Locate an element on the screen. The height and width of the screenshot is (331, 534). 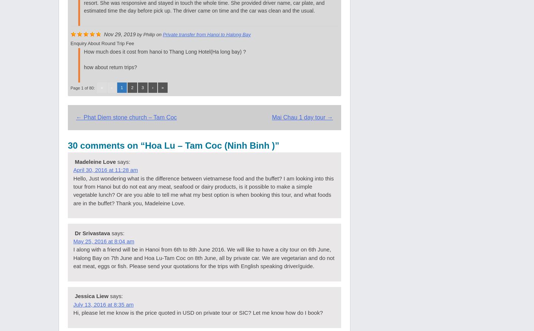
'how about return trips?' is located at coordinates (110, 67).